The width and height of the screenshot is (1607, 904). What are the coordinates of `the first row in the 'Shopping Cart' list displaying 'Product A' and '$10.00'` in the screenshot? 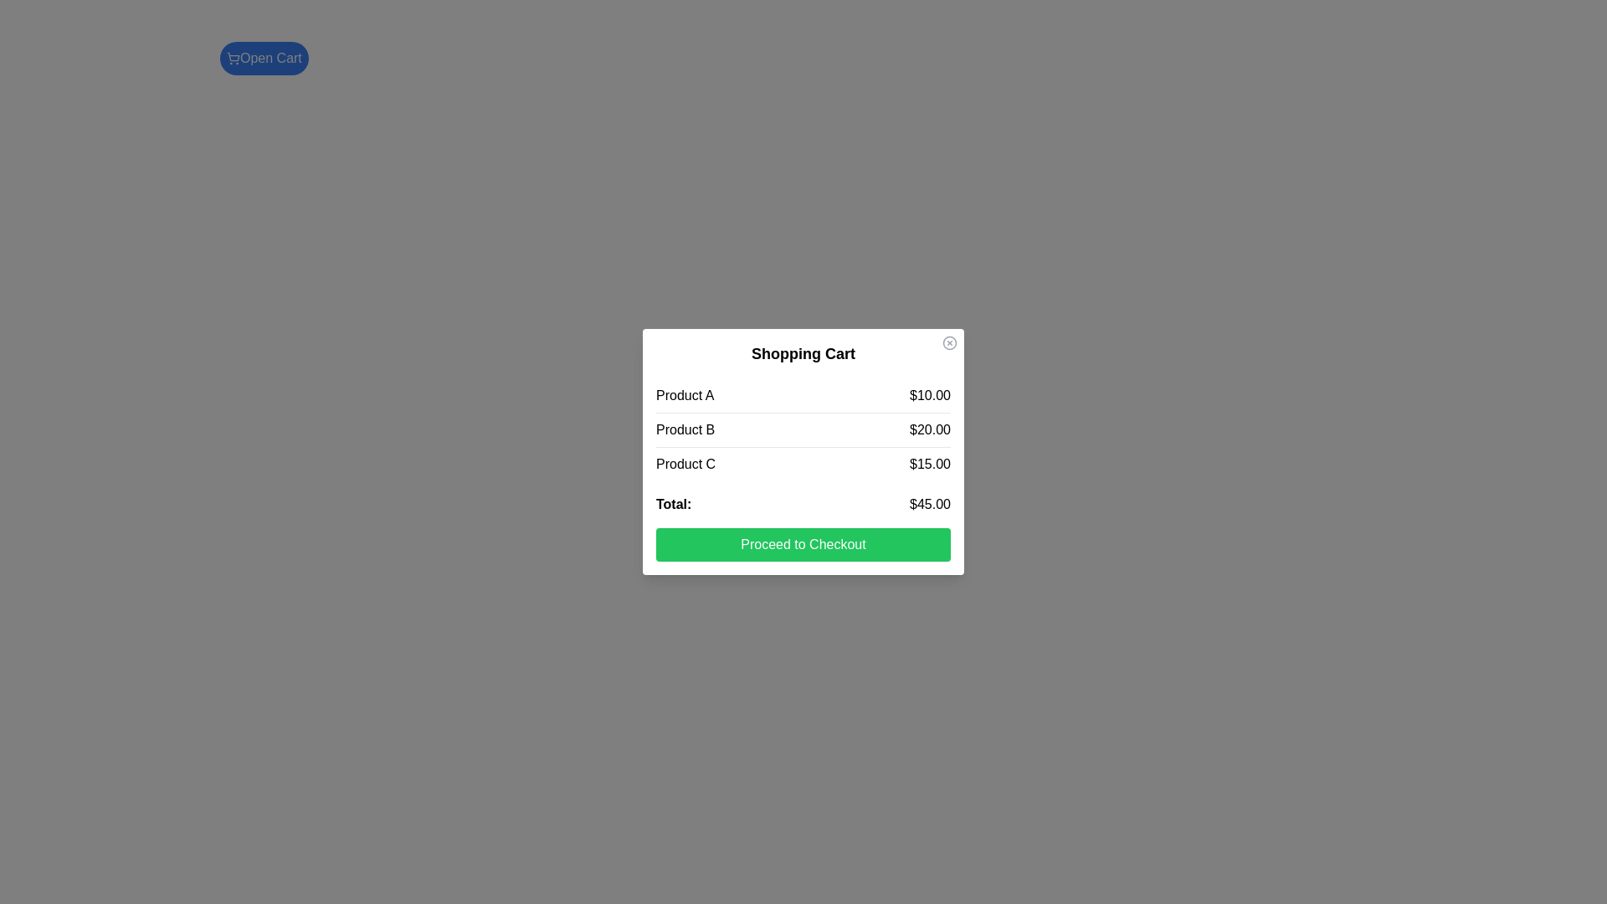 It's located at (803, 396).